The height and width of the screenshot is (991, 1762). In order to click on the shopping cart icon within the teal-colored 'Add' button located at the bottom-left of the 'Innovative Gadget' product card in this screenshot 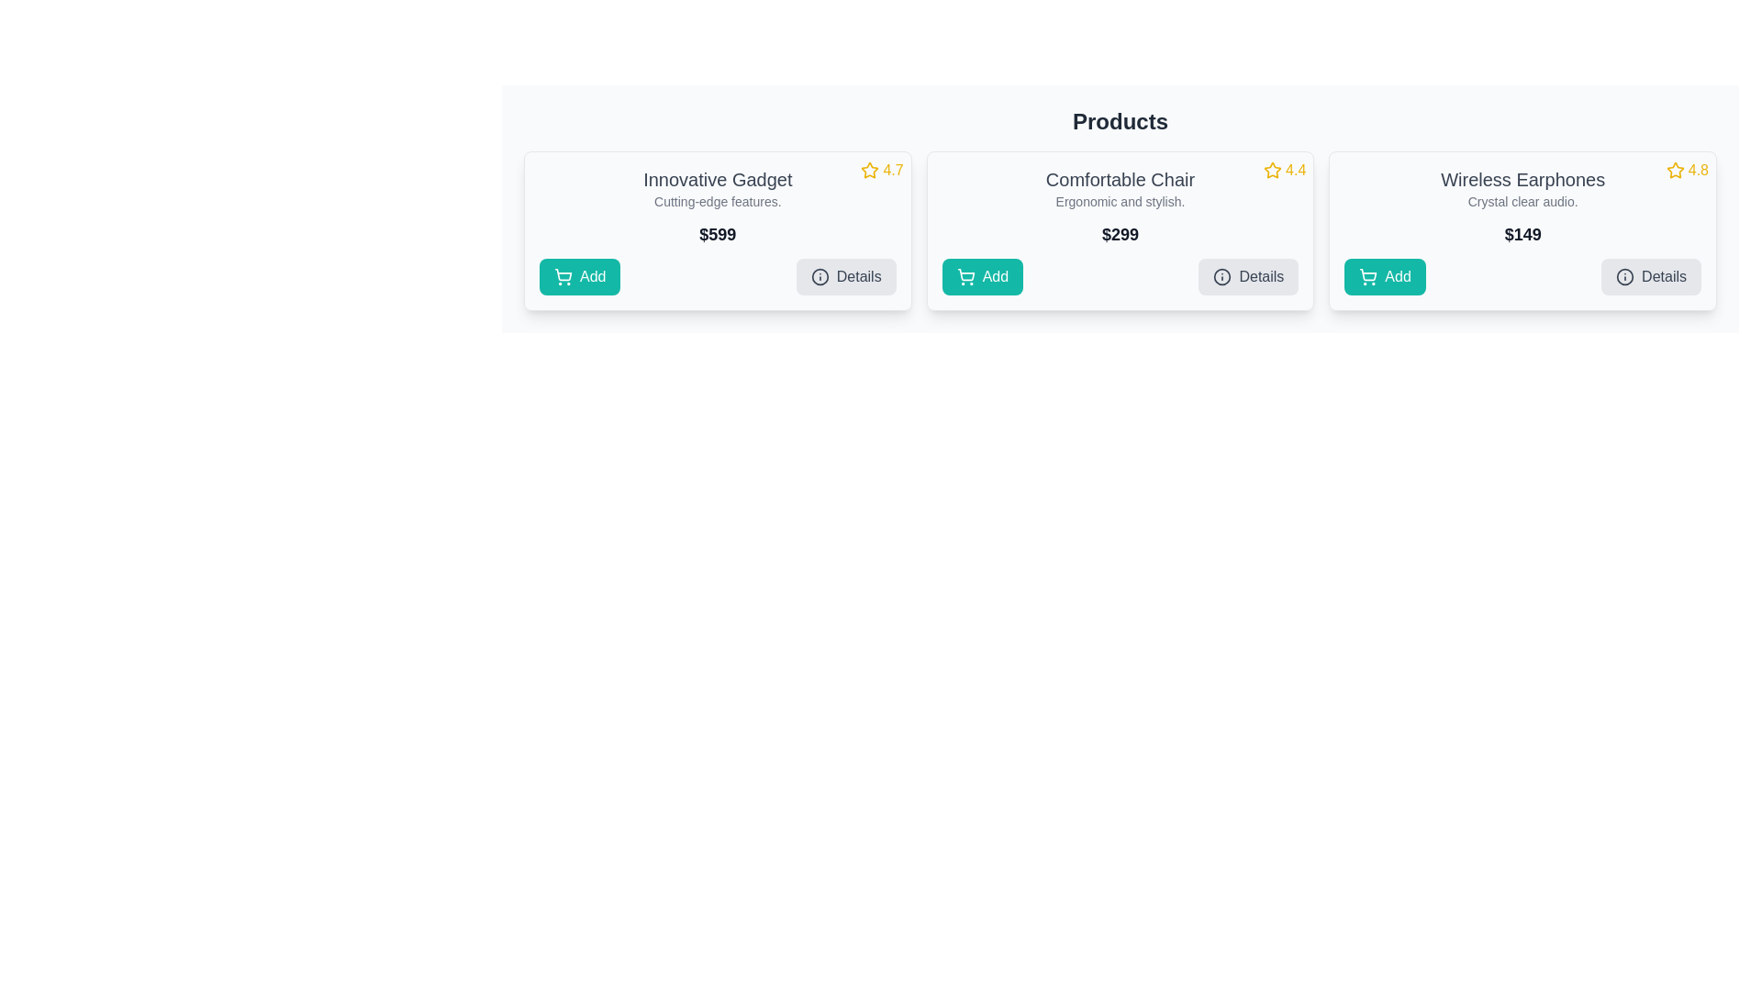, I will do `click(563, 276)`.